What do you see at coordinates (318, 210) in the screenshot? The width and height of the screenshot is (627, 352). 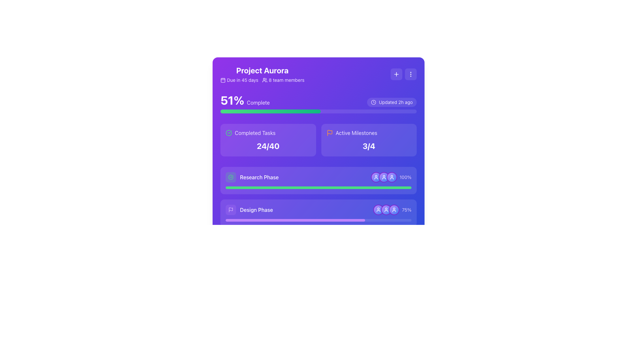 I see `the progress bar indicating the completion percentage of the Design Phase section, located within a card-like section near the bottom of the interface, specifically the second bar below the title 'Research Phase.'` at bounding box center [318, 210].